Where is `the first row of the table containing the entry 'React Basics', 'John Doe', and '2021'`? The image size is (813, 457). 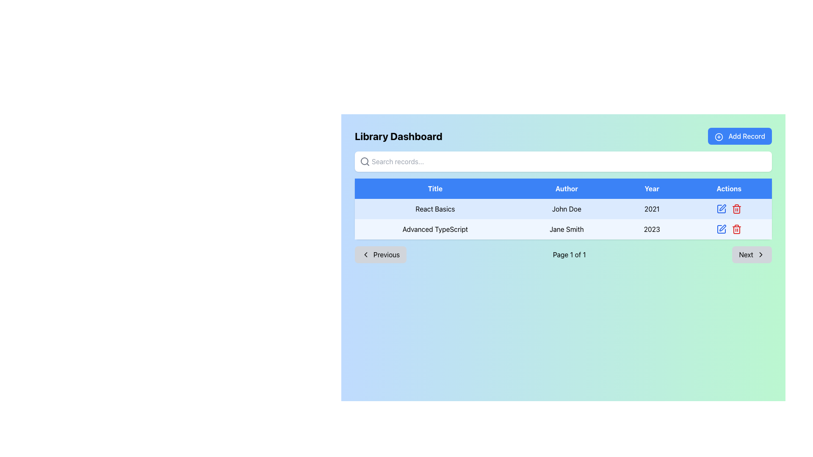 the first row of the table containing the entry 'React Basics', 'John Doe', and '2021' is located at coordinates (563, 209).